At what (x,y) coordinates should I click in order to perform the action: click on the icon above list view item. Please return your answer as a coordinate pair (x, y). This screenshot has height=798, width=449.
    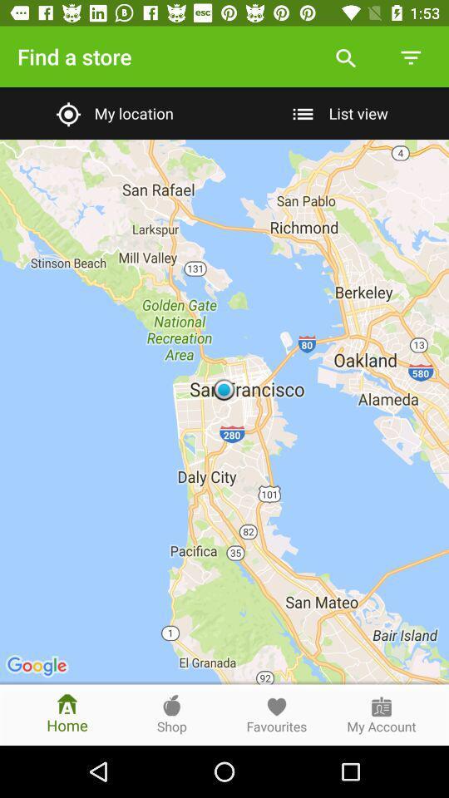
    Looking at the image, I should click on (409, 57).